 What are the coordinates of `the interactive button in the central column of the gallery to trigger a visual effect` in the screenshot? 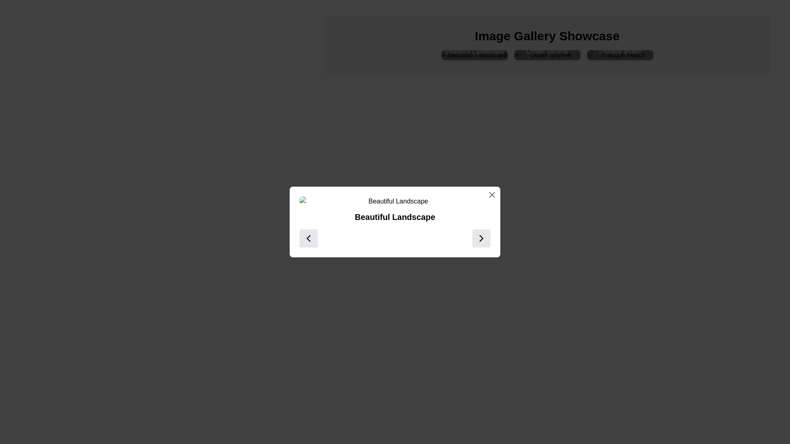 It's located at (547, 55).